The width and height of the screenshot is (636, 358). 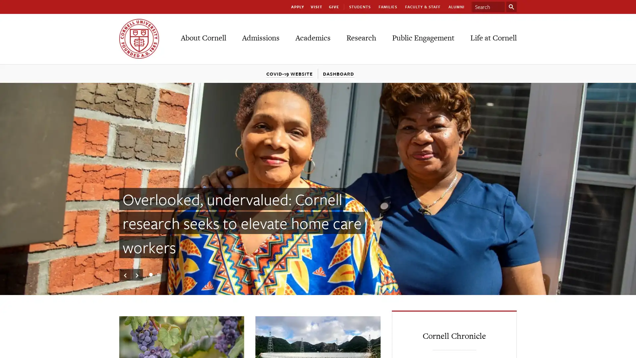 What do you see at coordinates (125, 275) in the screenshot?
I see `Previous slide` at bounding box center [125, 275].